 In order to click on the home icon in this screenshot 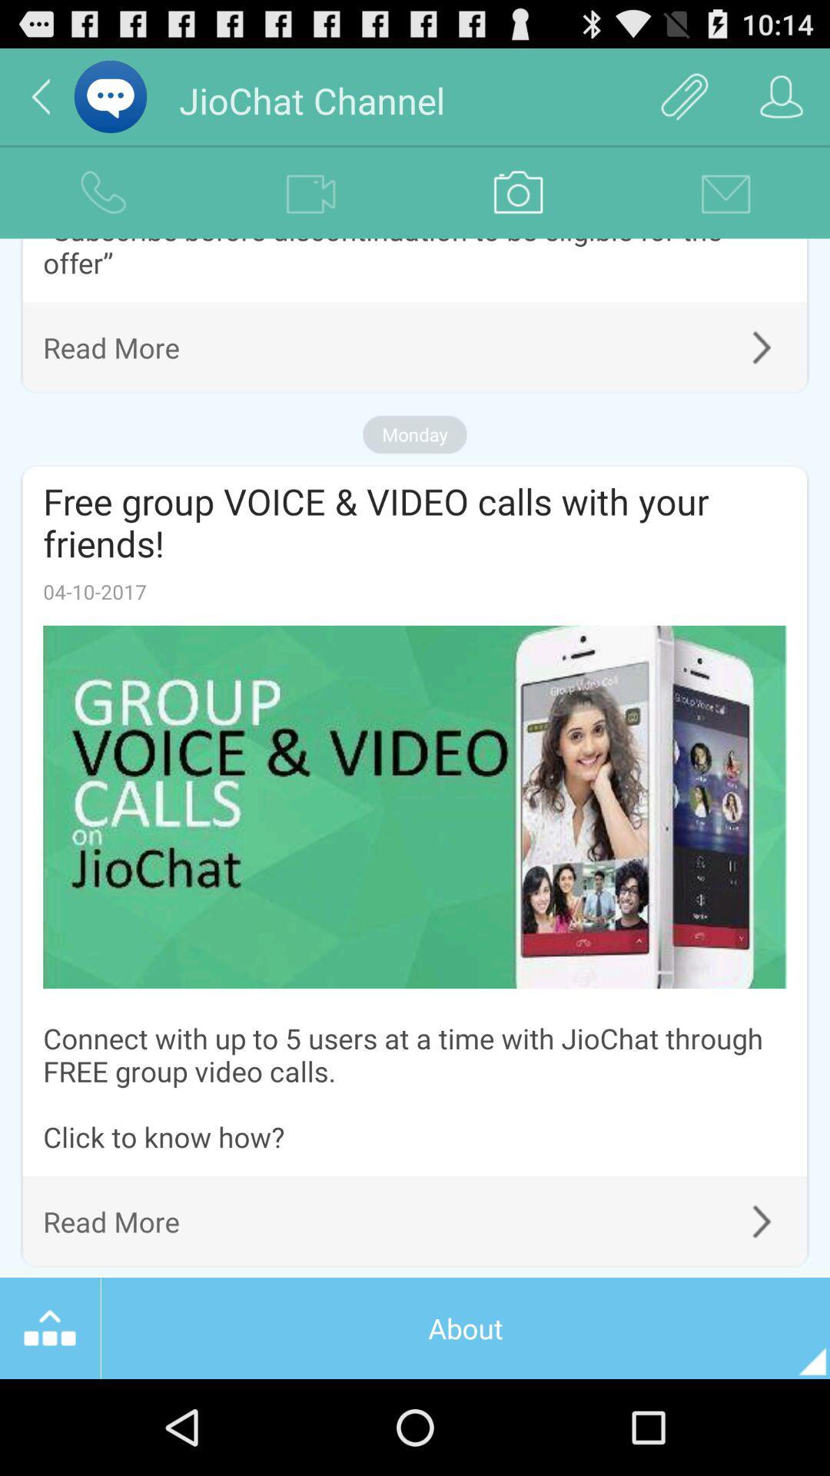, I will do `click(49, 1421)`.